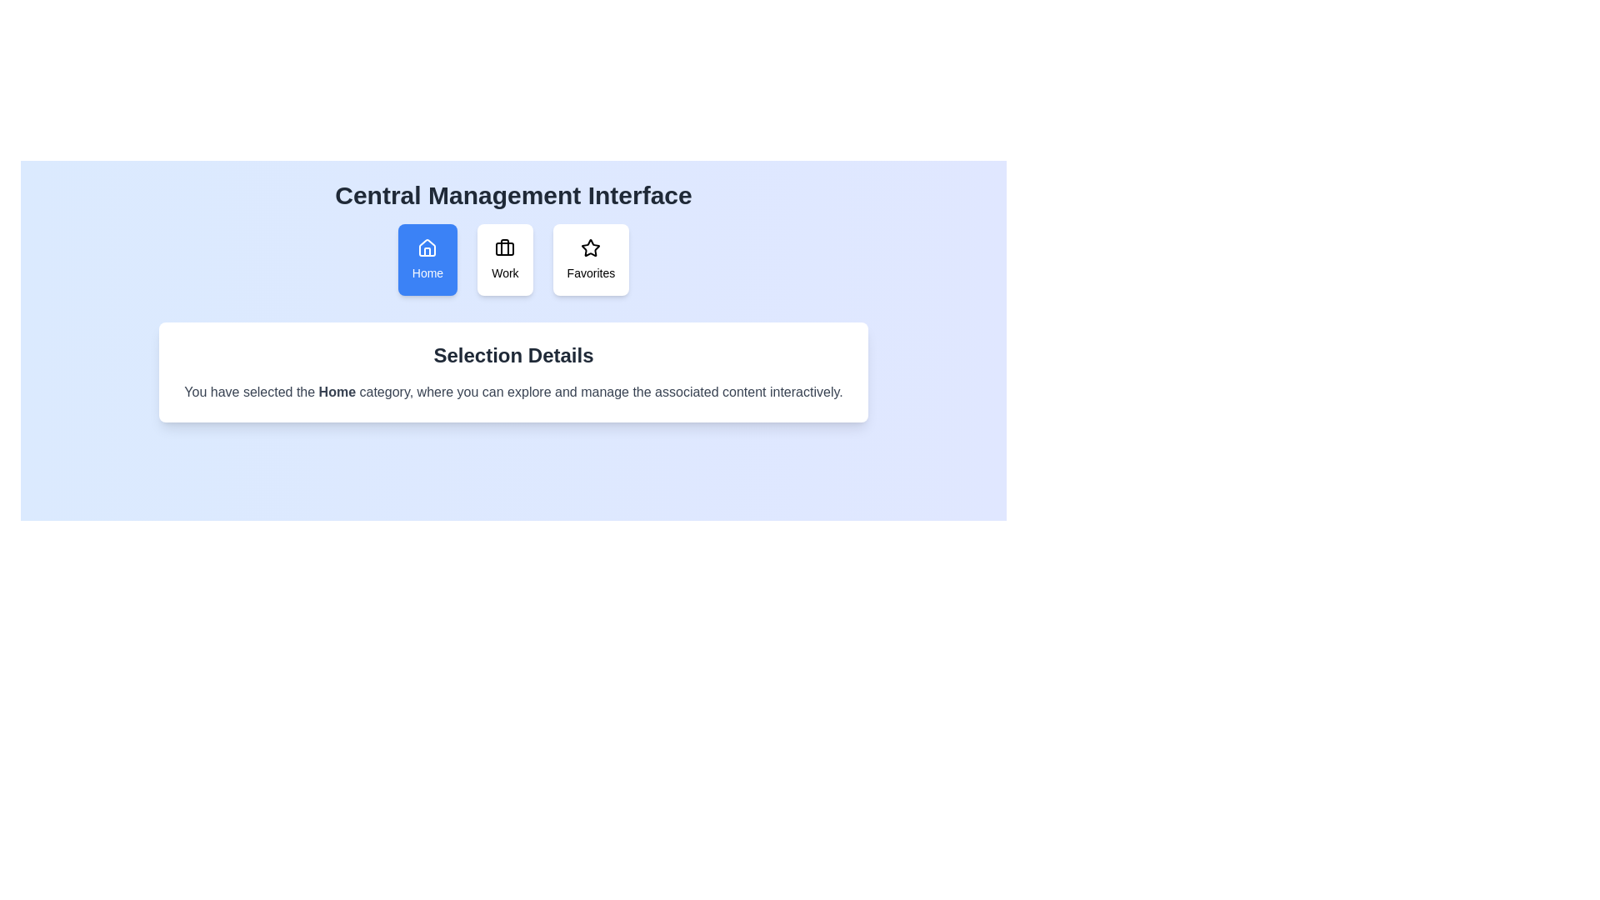 The image size is (1600, 900). What do you see at coordinates (591, 260) in the screenshot?
I see `the rounded rectangular button labeled 'Favorites' with a star icon, located in the top-right section of a horizontal row` at bounding box center [591, 260].